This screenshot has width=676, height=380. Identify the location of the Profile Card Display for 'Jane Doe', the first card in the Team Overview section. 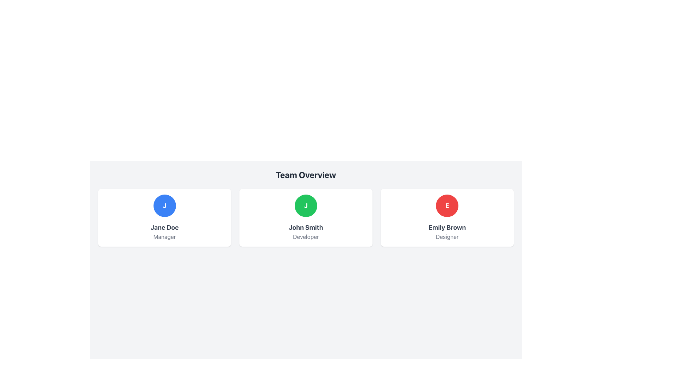
(164, 217).